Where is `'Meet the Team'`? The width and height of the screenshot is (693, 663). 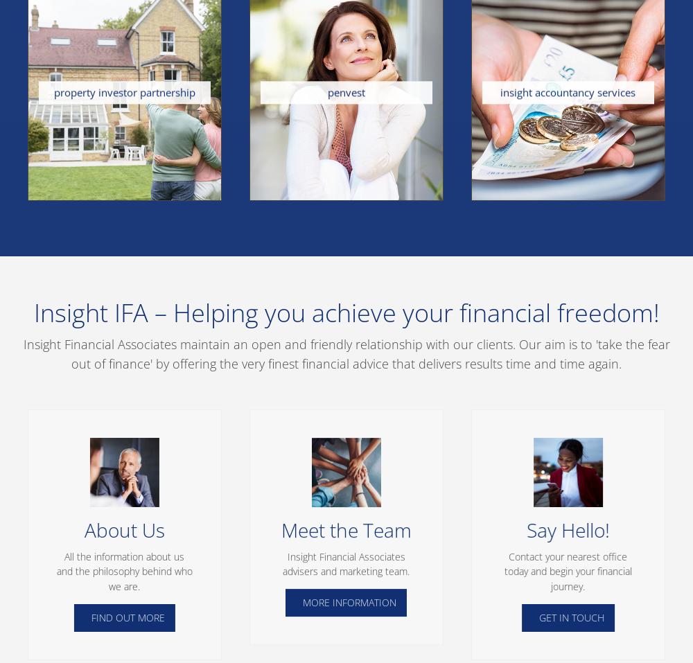 'Meet the Team' is located at coordinates (281, 530).